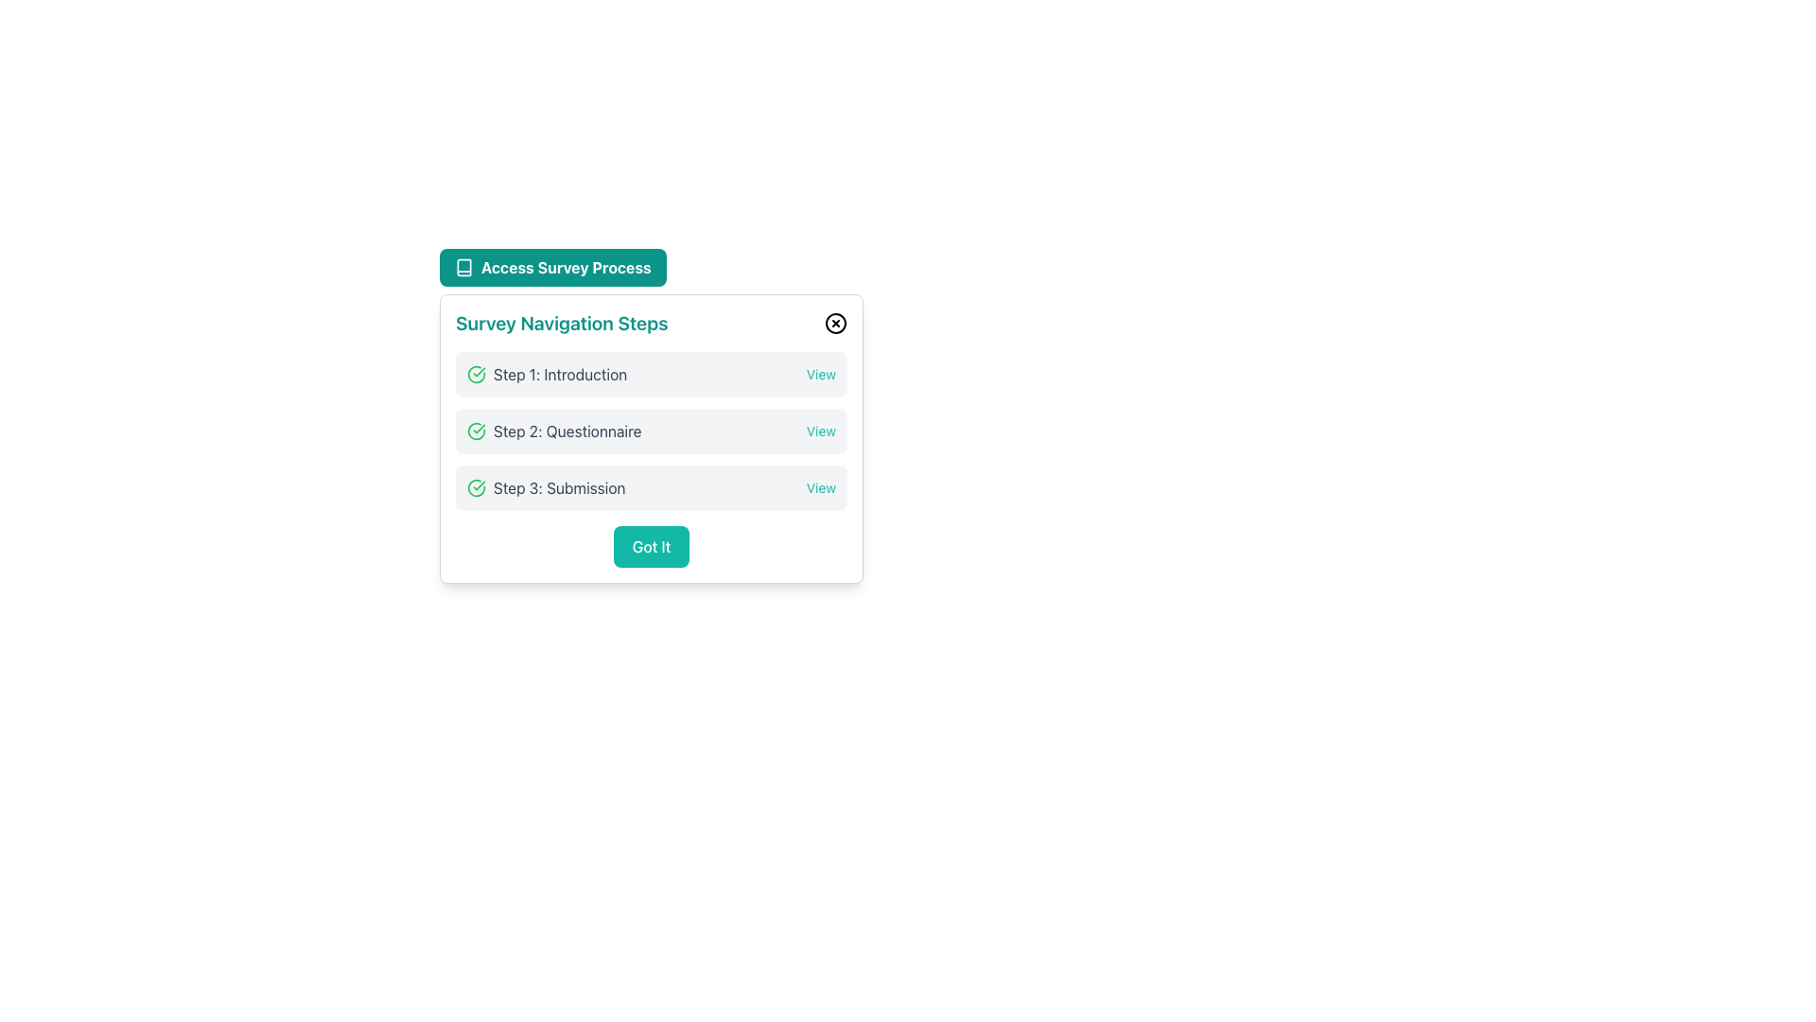 The height and width of the screenshot is (1022, 1816). I want to click on the completion indicator icon for the first step in the process, which is located to the left of the text label 'Step 1: Introduction.', so click(477, 375).